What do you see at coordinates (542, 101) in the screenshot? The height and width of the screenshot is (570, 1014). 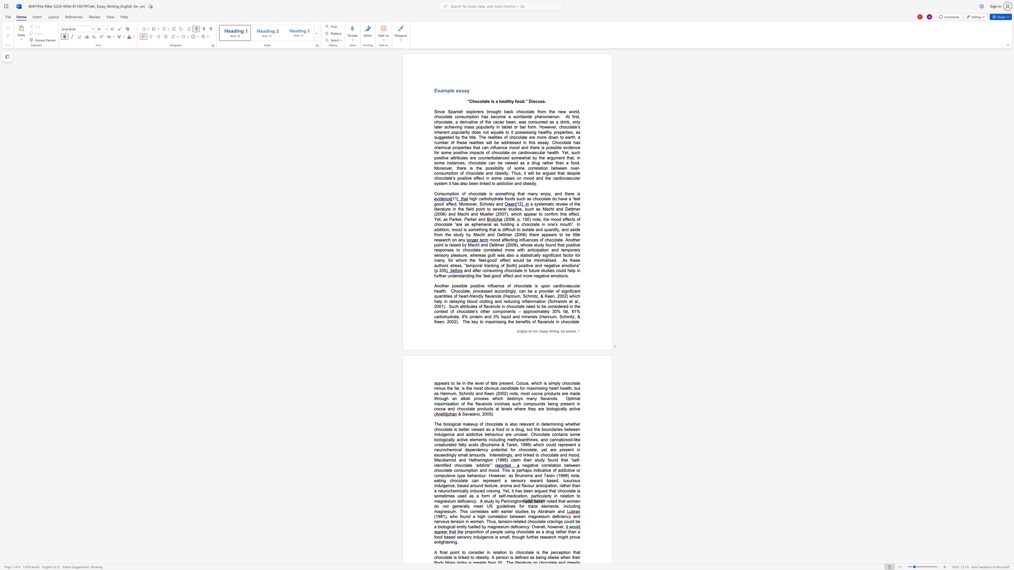 I see `the subset text "s." within the text "“Chocolate is a healthy food.” Discuss."` at bounding box center [542, 101].